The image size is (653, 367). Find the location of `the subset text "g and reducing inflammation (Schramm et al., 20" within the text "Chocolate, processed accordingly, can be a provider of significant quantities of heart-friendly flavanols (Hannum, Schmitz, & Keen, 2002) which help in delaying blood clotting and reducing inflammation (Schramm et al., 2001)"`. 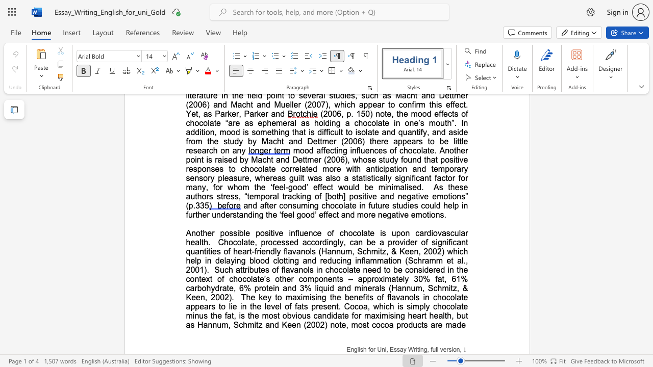

the subset text "g and reducing inflammation (Schramm et al., 20" within the text "Chocolate, processed accordingly, can be a provider of significant quantities of heart-friendly flavanols (Hannum, Schmitz, & Keen, 2002) which help in delaying blood clotting and reducing inflammation (Schramm et al., 2001)" is located at coordinates (294, 260).